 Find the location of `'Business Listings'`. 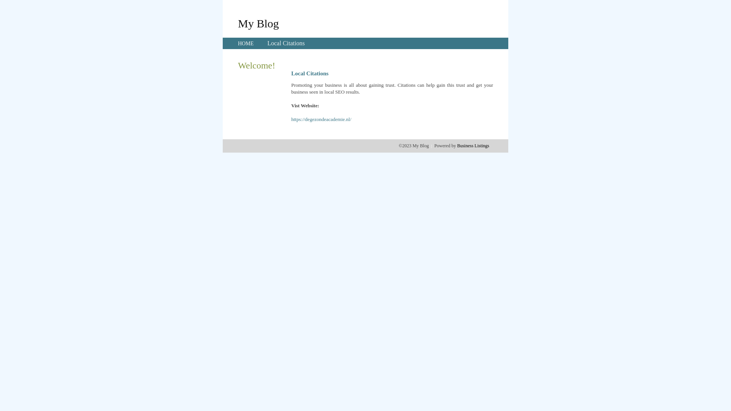

'Business Listings' is located at coordinates (473, 145).